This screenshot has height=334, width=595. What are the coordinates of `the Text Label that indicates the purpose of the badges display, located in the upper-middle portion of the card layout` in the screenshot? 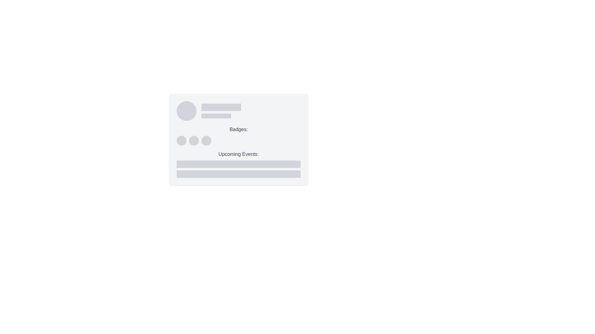 It's located at (238, 129).